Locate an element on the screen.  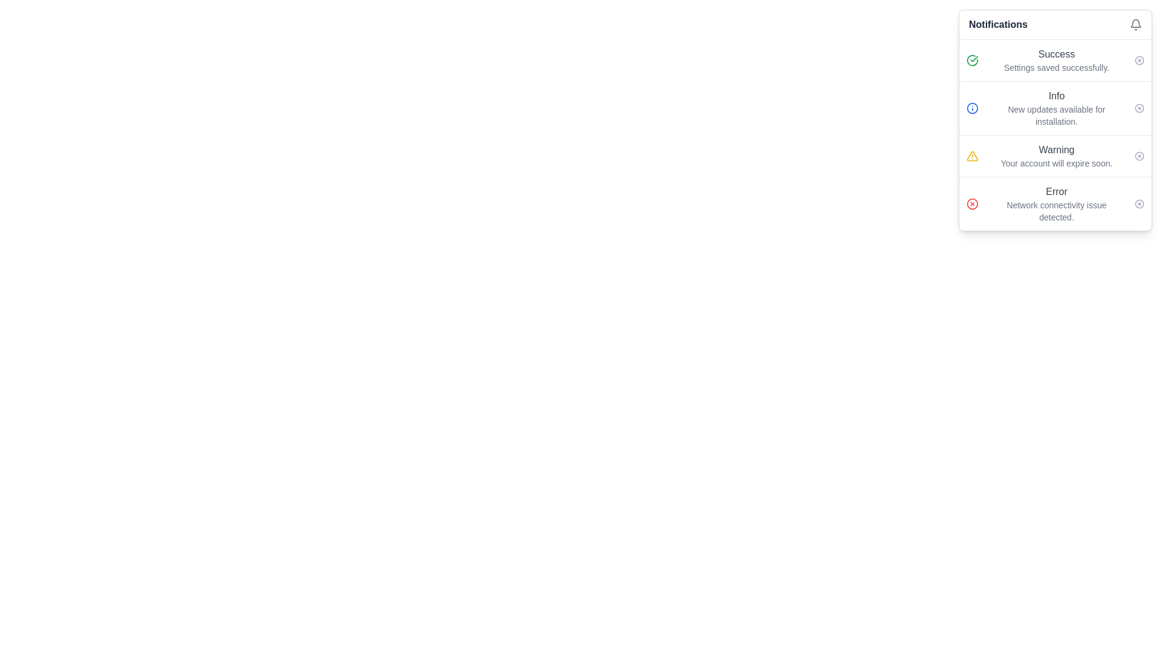
the small circular button with a cross symbol inside, located in the bottom right corner of the 'Error' notification box is located at coordinates (1138, 203).